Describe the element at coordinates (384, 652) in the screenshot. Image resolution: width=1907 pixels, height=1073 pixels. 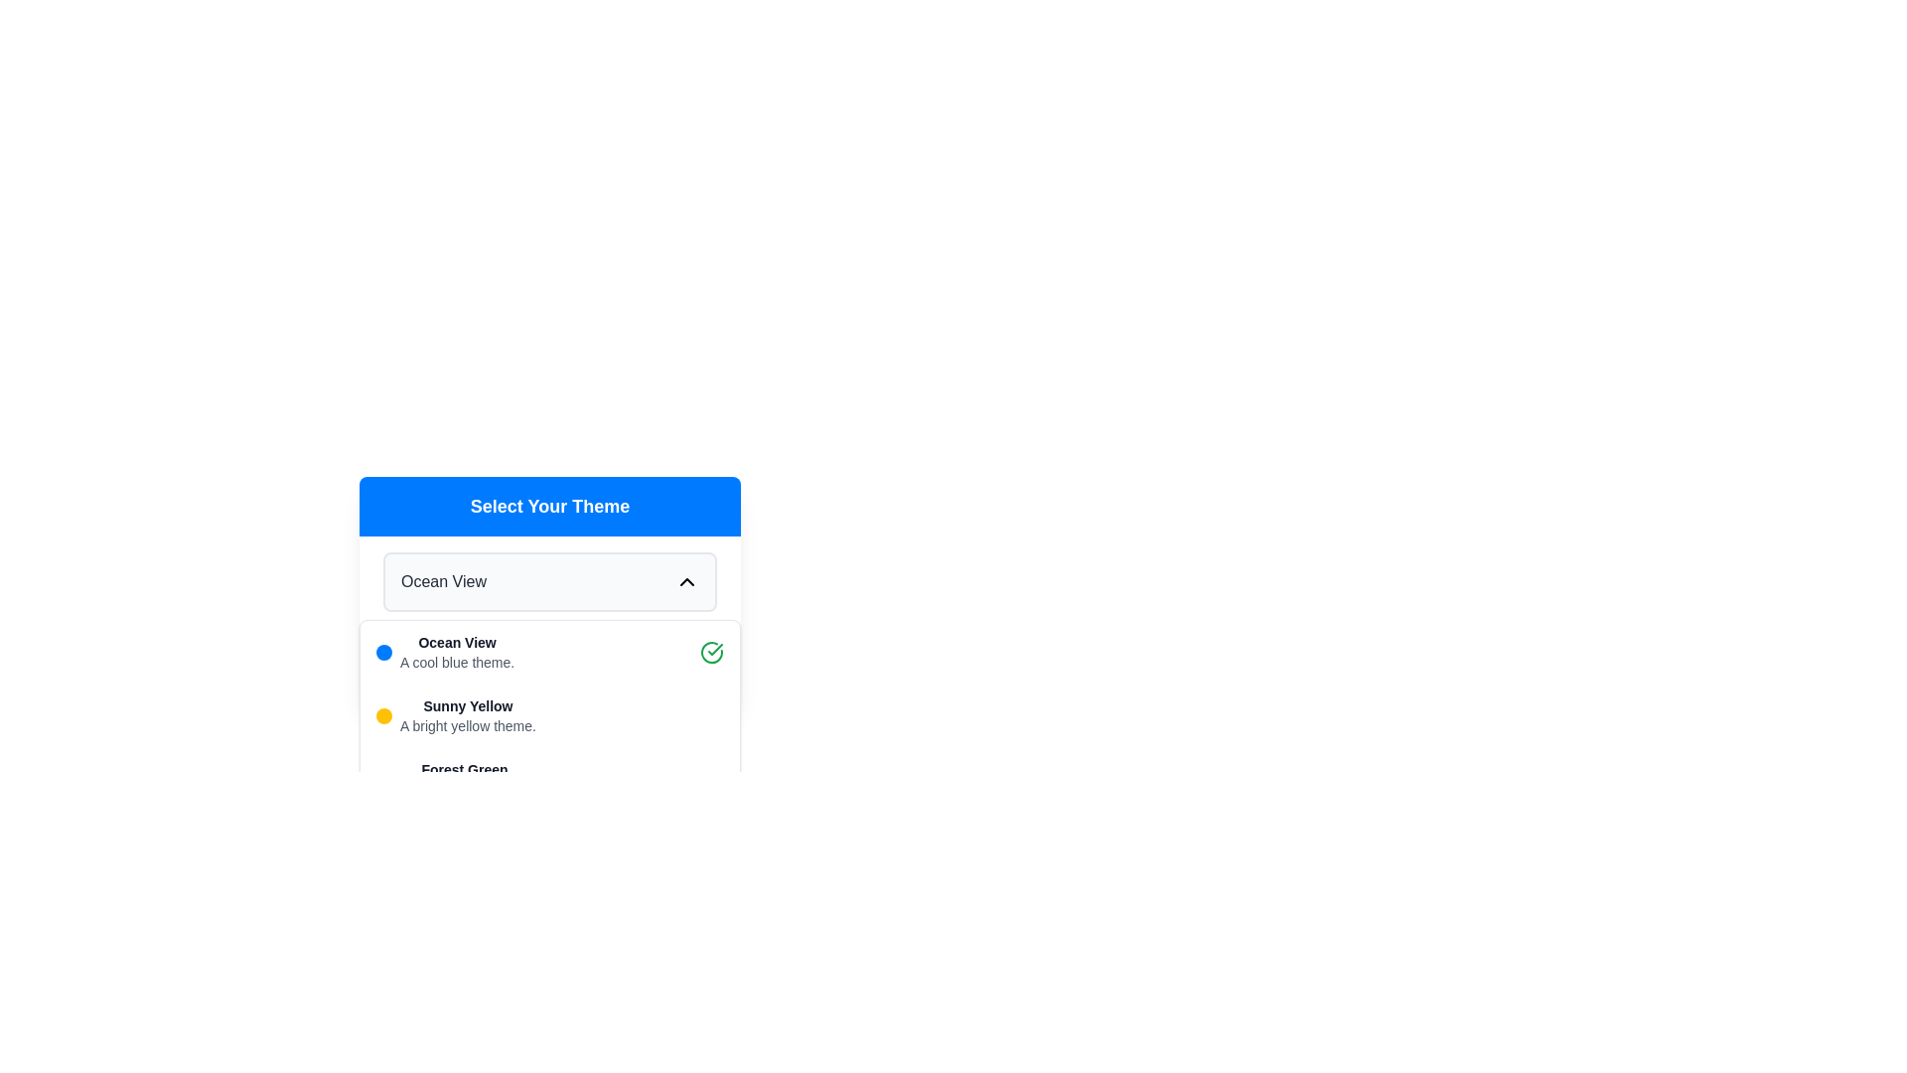
I see `the small, circular blue icon located to the left of the 'Ocean View' text, which serves as a graphical indicator` at that location.